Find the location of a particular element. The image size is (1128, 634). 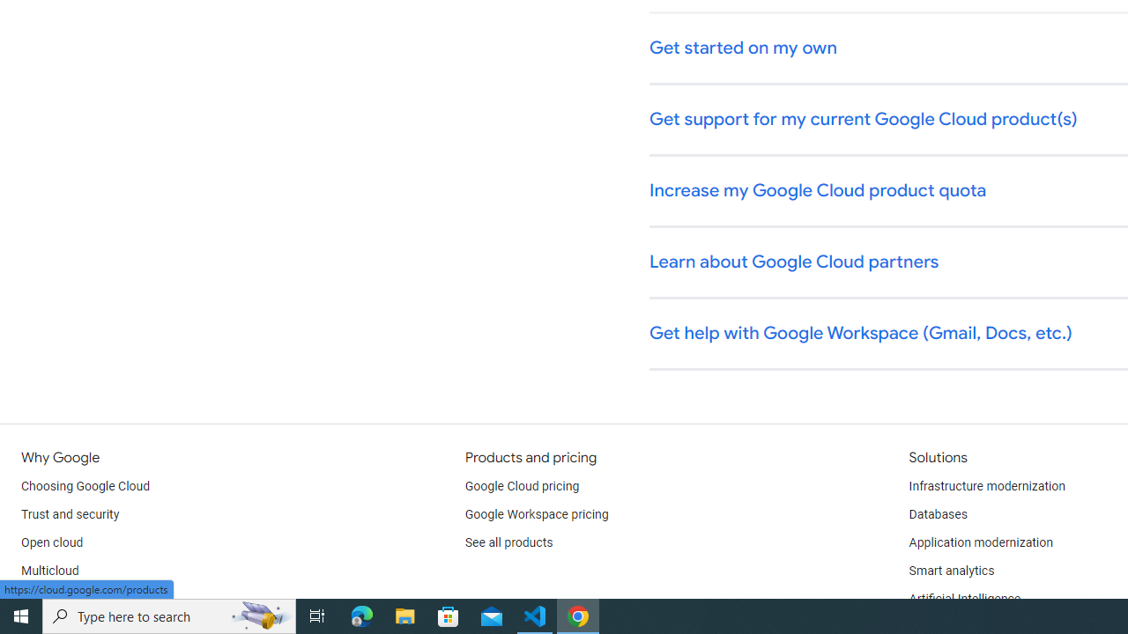

'Global infrastructure' is located at coordinates (77, 599).